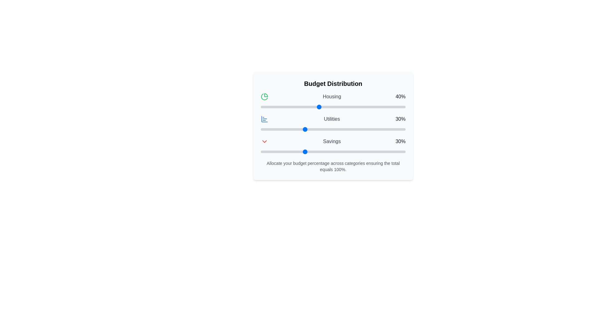 The image size is (599, 336). Describe the element at coordinates (333, 166) in the screenshot. I see `the guideline text that instructs users about ensuring their budget allocation adds up to 100%, positioned at the bottom of the budget distribution card beneath the category sliders` at that location.